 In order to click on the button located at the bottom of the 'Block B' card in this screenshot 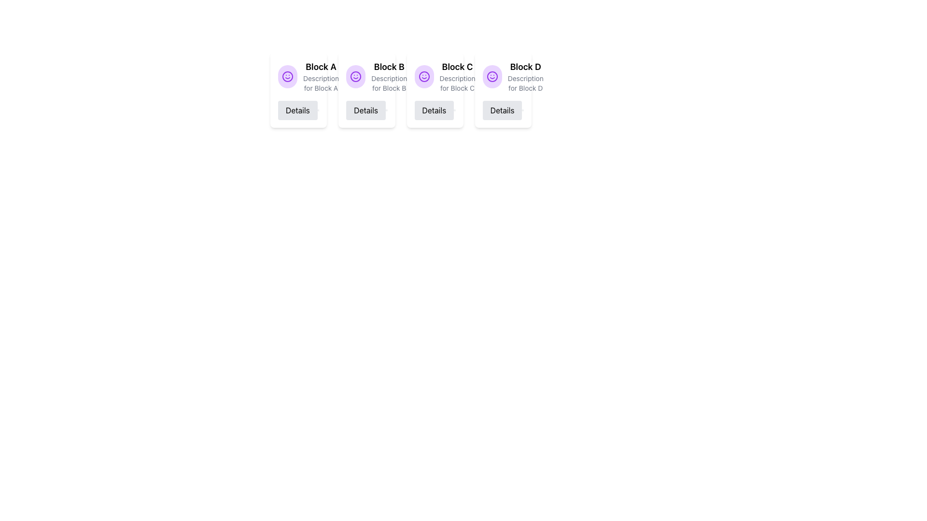, I will do `click(366, 110)`.